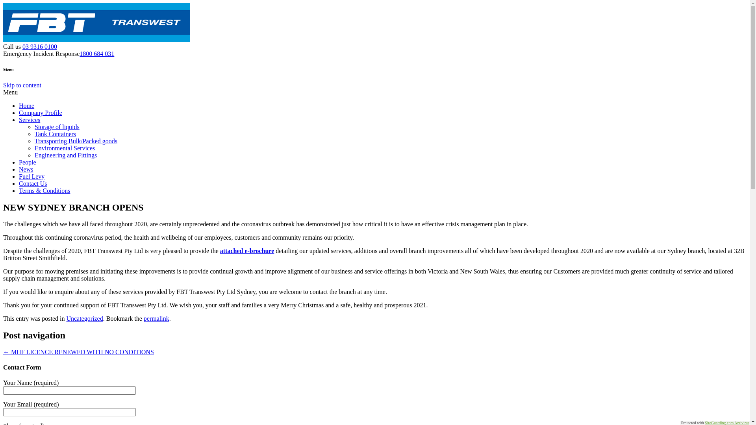  What do you see at coordinates (31, 176) in the screenshot?
I see `'Fuel Levy'` at bounding box center [31, 176].